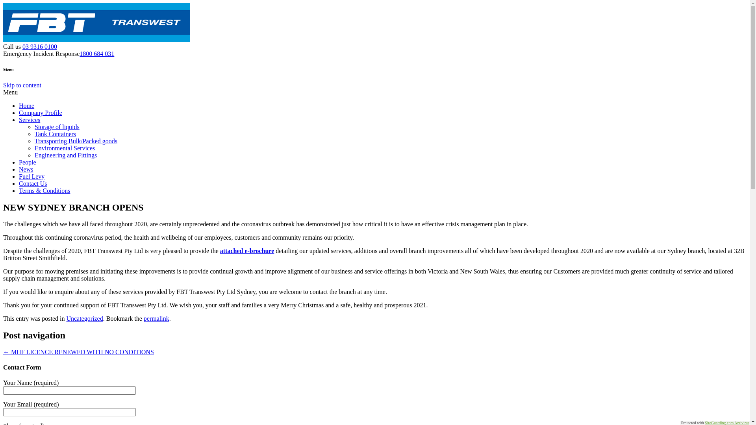  What do you see at coordinates (31, 176) in the screenshot?
I see `'Fuel Levy'` at bounding box center [31, 176].